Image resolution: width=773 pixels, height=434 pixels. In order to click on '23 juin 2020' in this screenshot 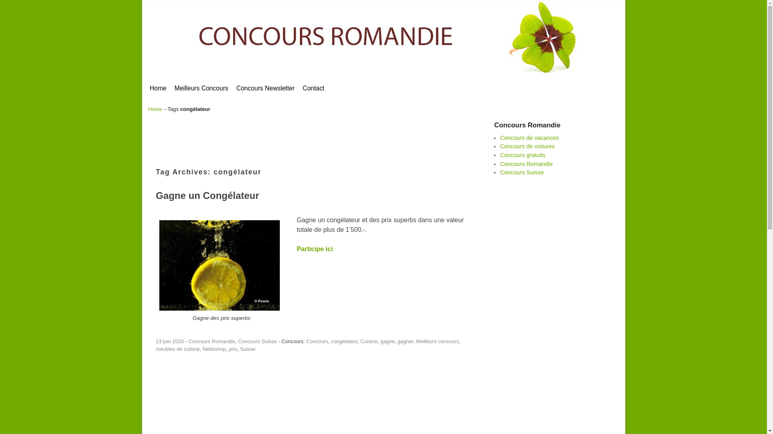, I will do `click(169, 341)`.